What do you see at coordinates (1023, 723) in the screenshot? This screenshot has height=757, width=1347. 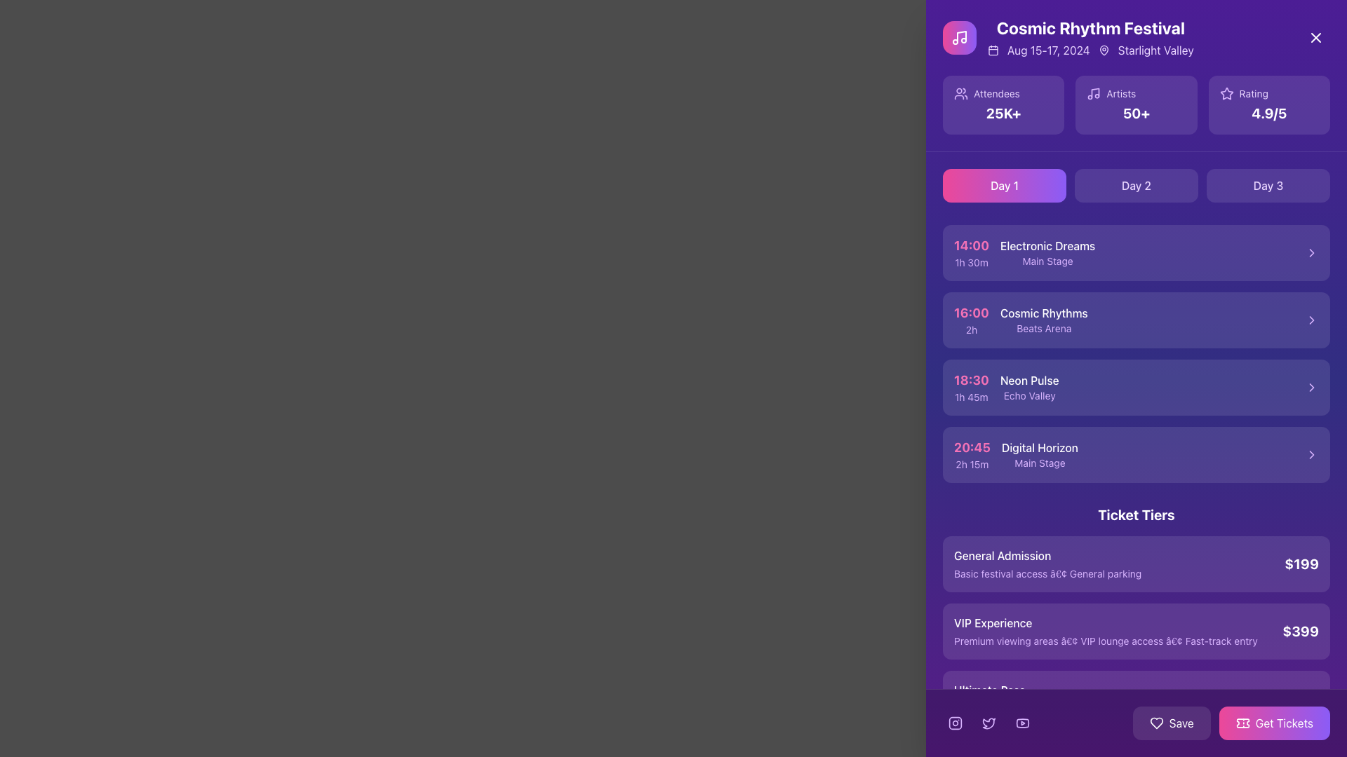 I see `the third circular button with a purple background featuring the YouTube logo` at bounding box center [1023, 723].